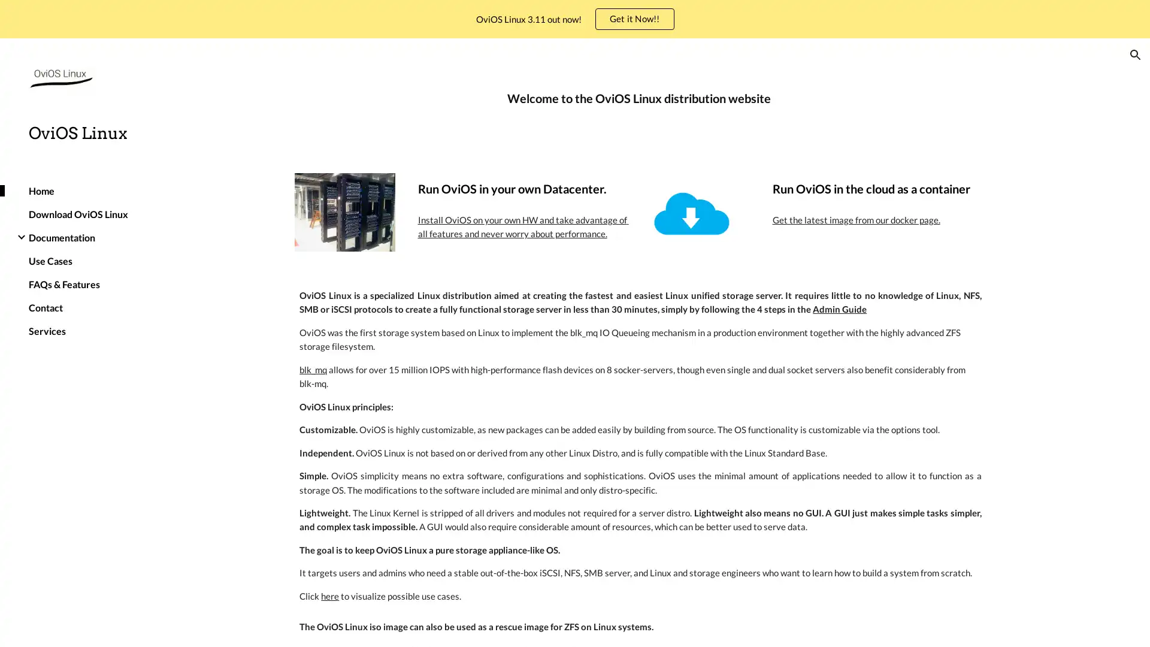 Image resolution: width=1150 pixels, height=647 pixels. What do you see at coordinates (208, 625) in the screenshot?
I see `Google Sites` at bounding box center [208, 625].